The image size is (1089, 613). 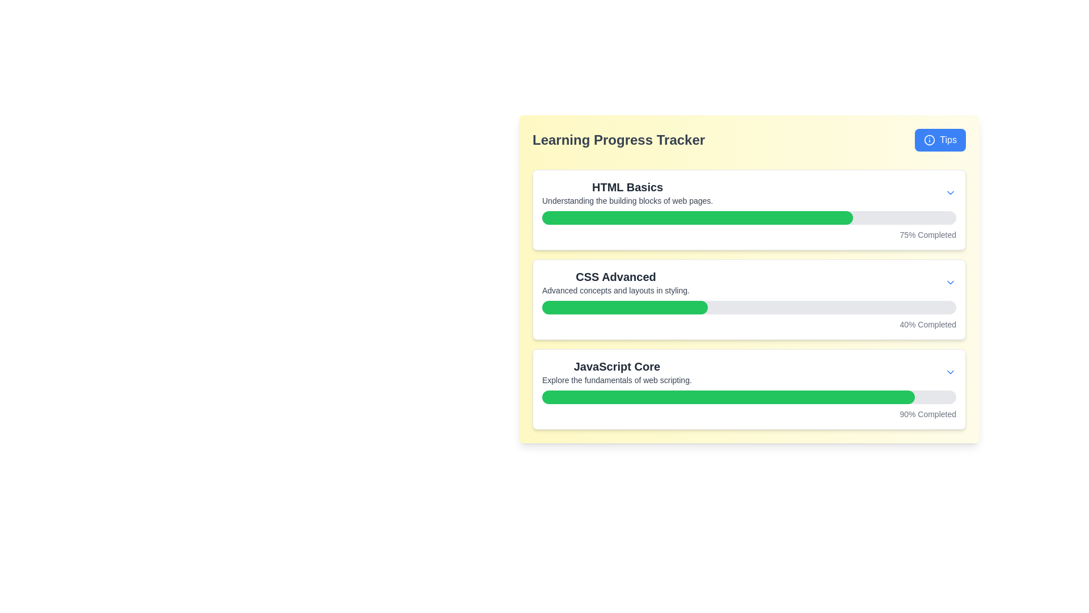 I want to click on the button that provides access to tips in the Learning Progress Tracker section, so click(x=940, y=139).